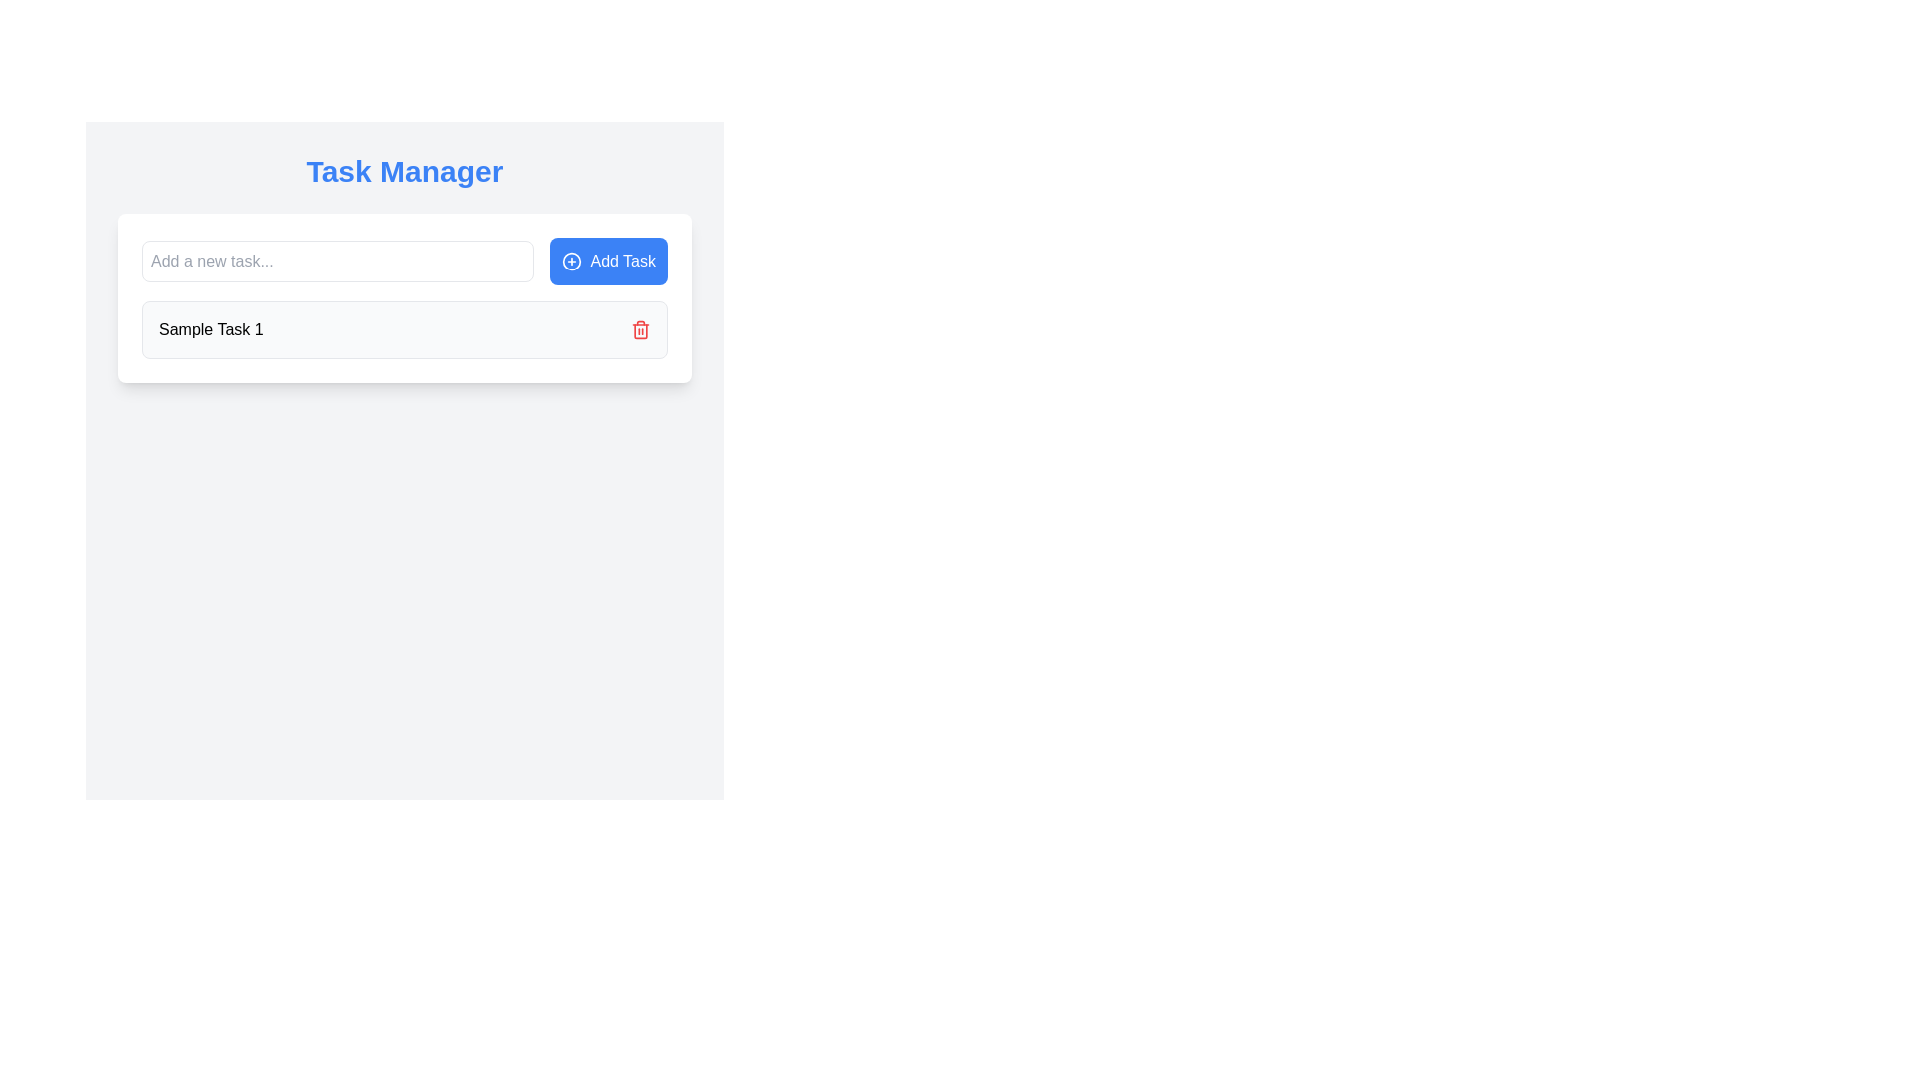 This screenshot has width=1917, height=1078. I want to click on the 'Task Manager' text header, which is displayed prominently in a large, bold, blue font, centered at the top of the interface, so click(403, 171).